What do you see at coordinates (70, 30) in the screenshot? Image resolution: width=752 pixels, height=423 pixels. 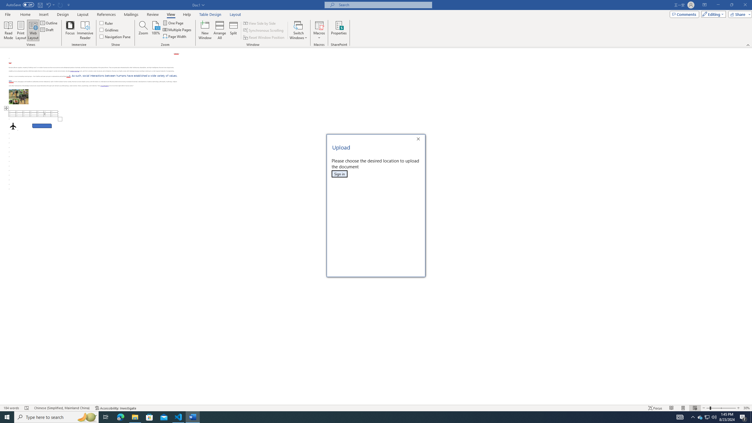 I see `'Focus'` at bounding box center [70, 30].